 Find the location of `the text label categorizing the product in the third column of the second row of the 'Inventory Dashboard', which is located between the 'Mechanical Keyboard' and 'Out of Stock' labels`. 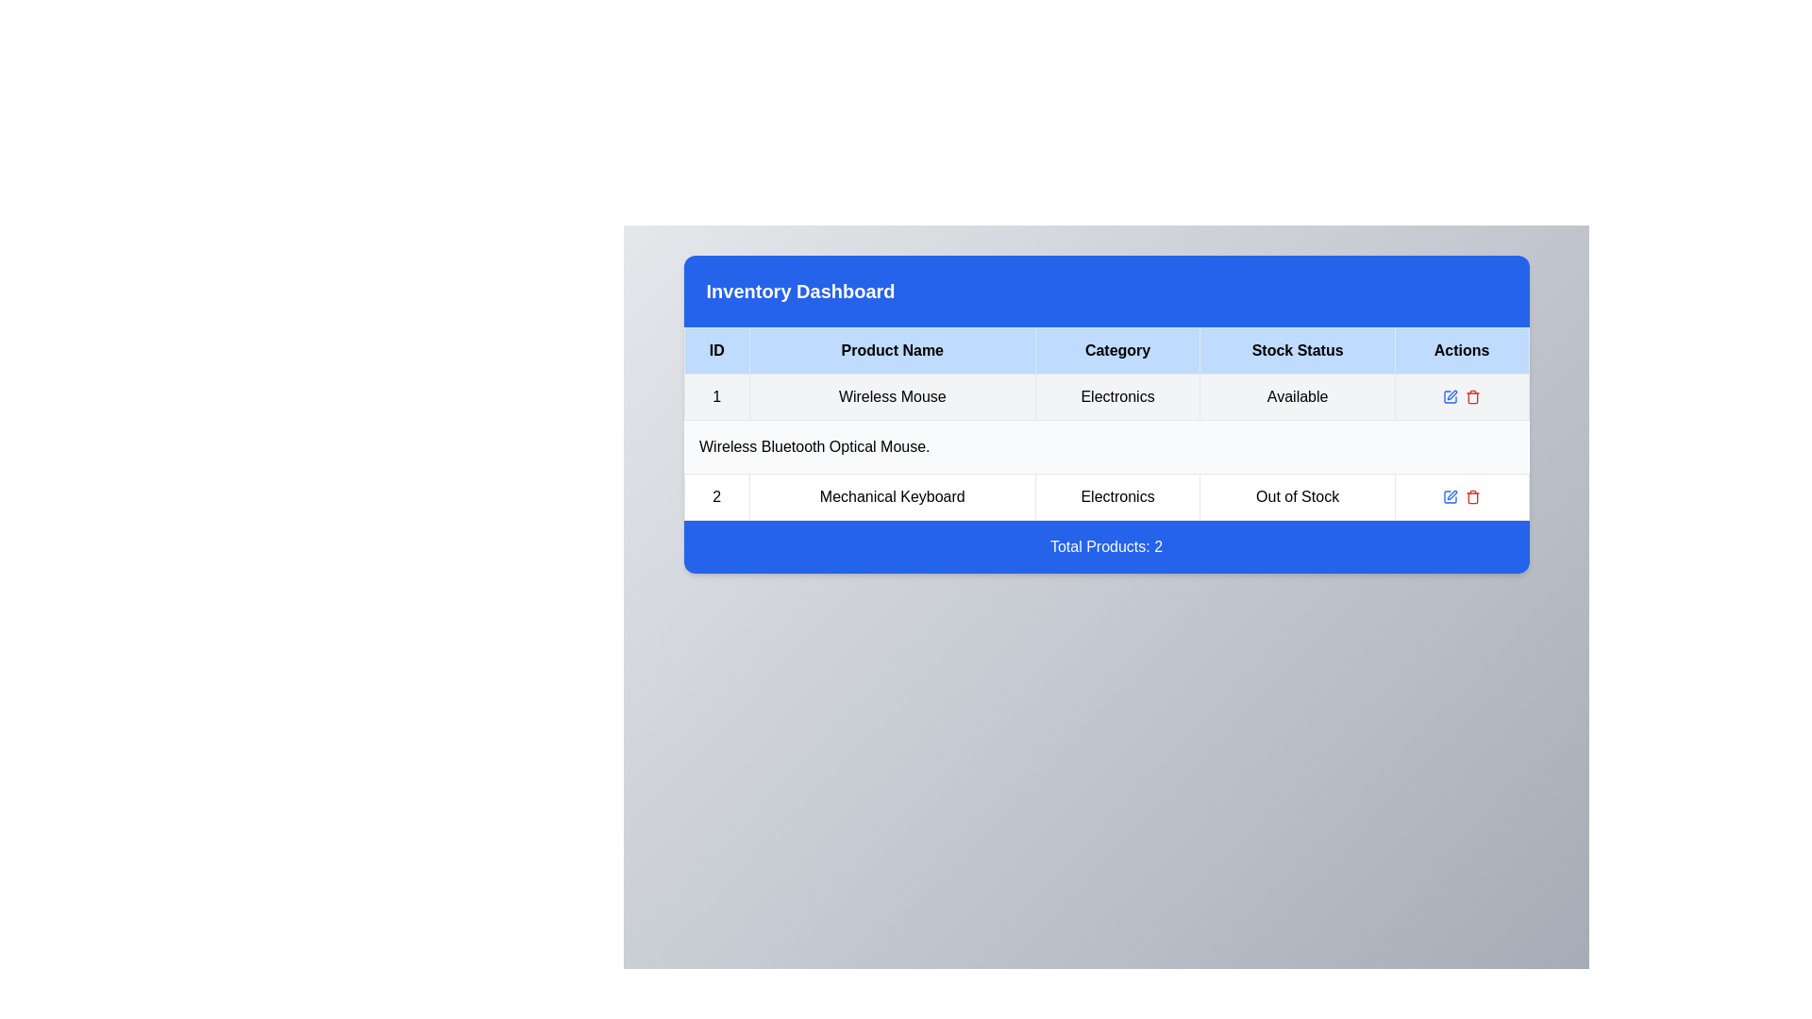

the text label categorizing the product in the third column of the second row of the 'Inventory Dashboard', which is located between the 'Mechanical Keyboard' and 'Out of Stock' labels is located at coordinates (1117, 496).